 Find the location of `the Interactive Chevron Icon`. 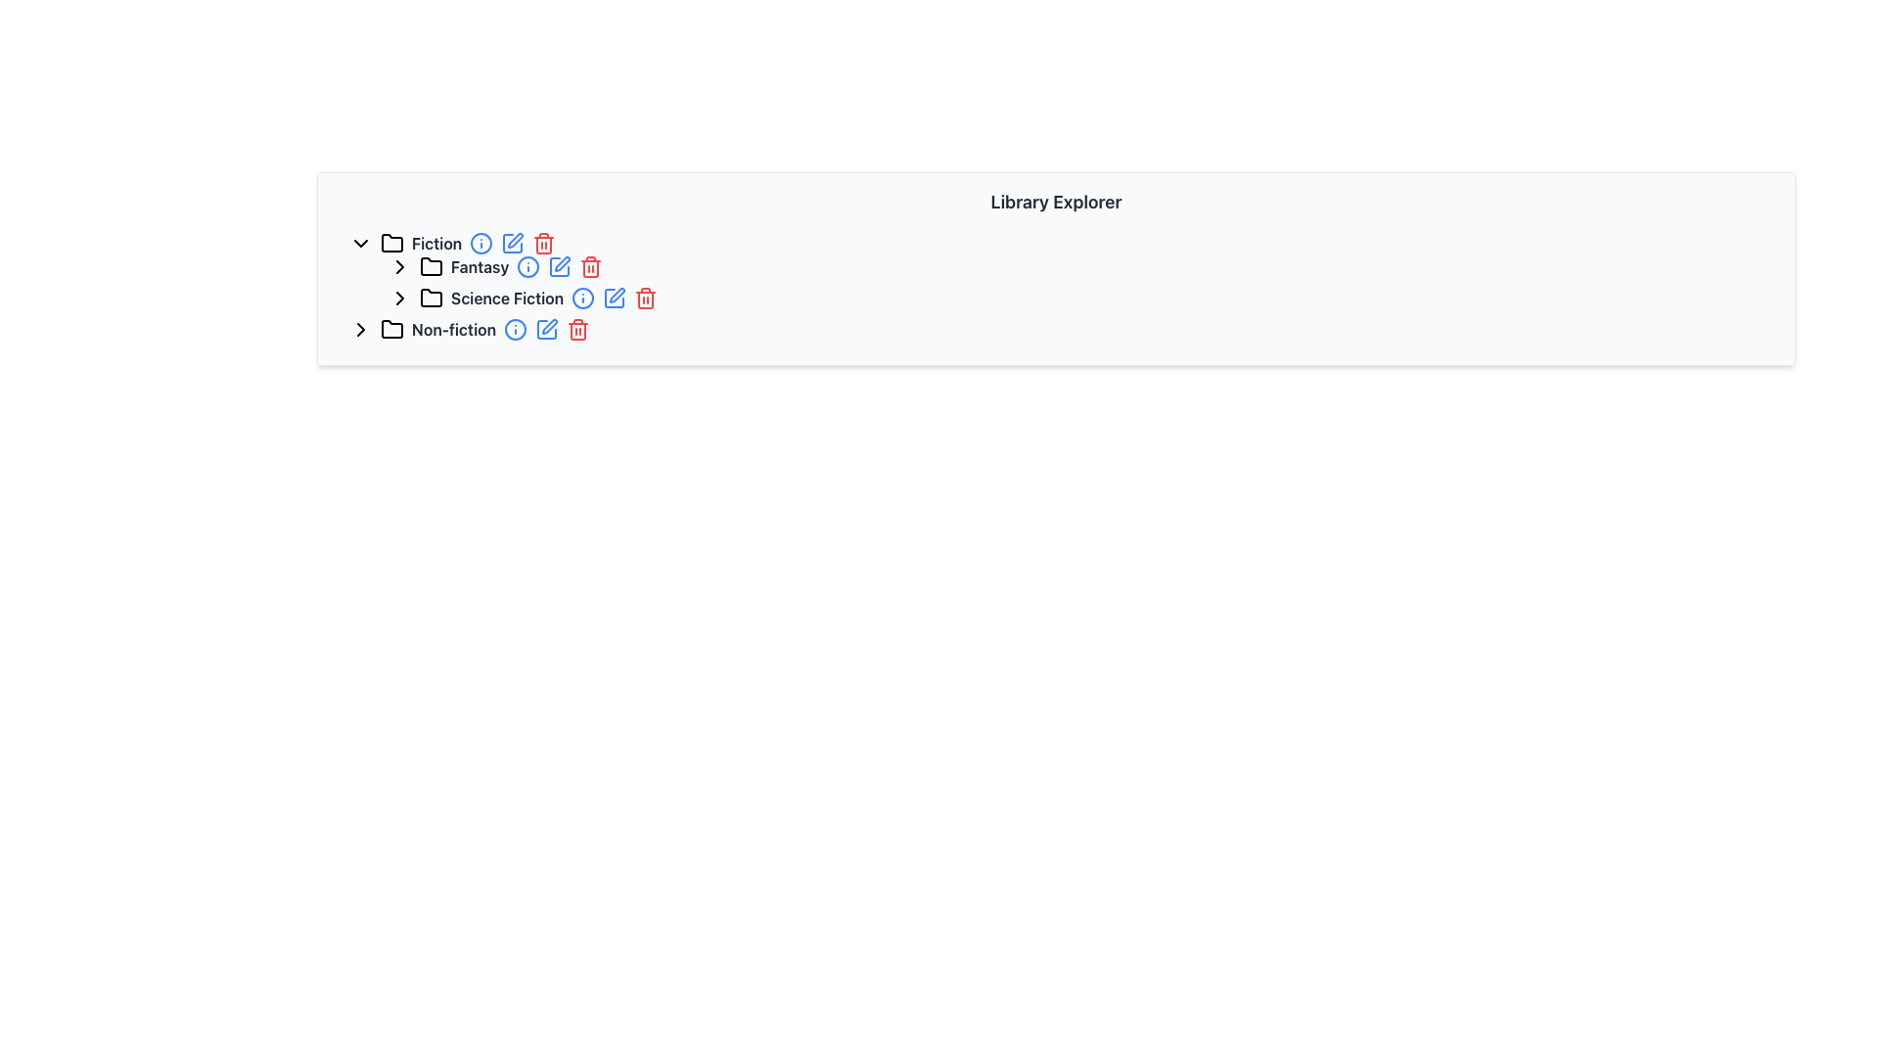

the Interactive Chevron Icon is located at coordinates (398, 298).